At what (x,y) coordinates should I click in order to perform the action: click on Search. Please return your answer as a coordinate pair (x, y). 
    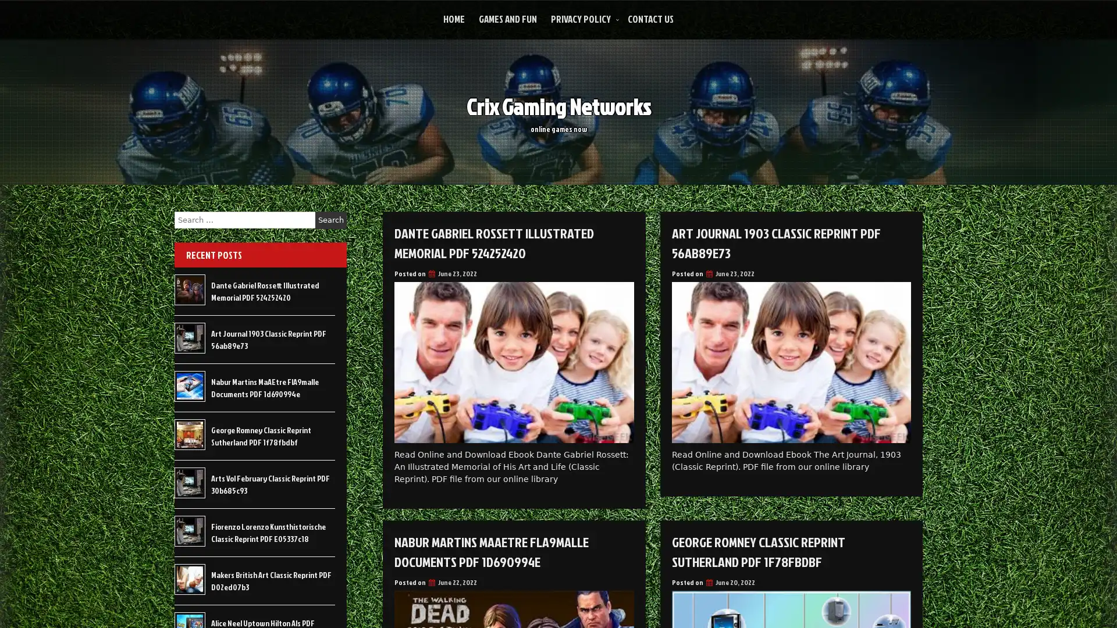
    Looking at the image, I should click on (330, 220).